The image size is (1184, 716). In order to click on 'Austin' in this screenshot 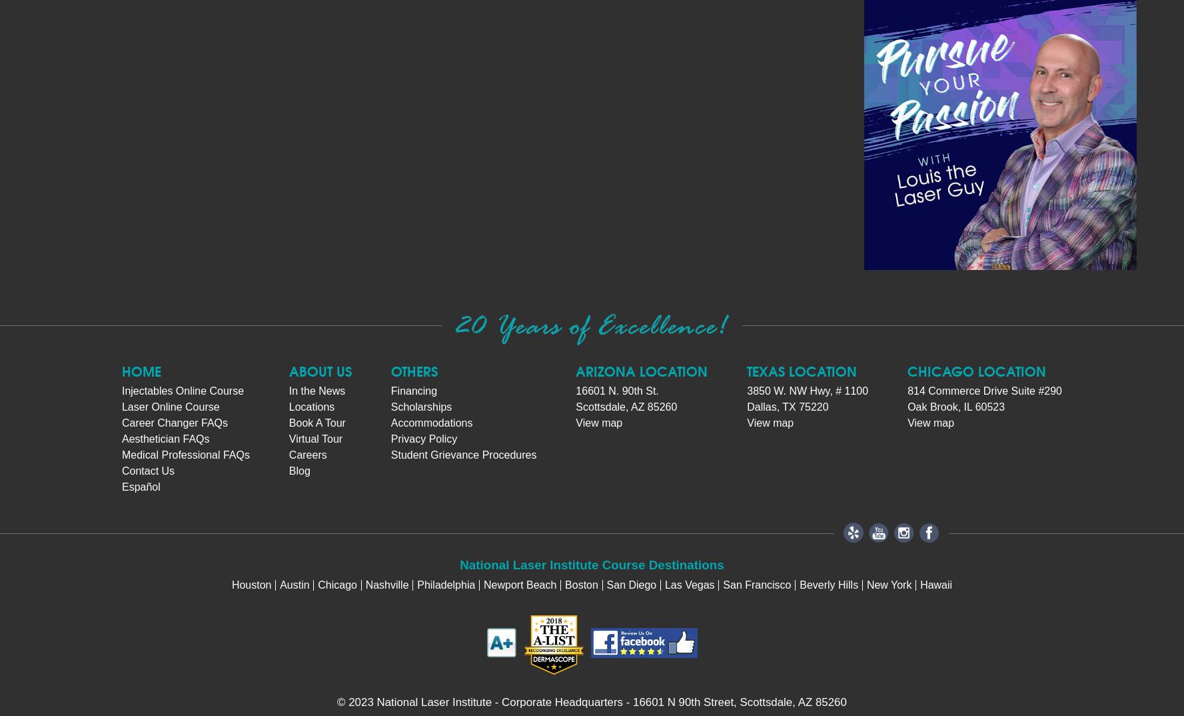, I will do `click(279, 583)`.